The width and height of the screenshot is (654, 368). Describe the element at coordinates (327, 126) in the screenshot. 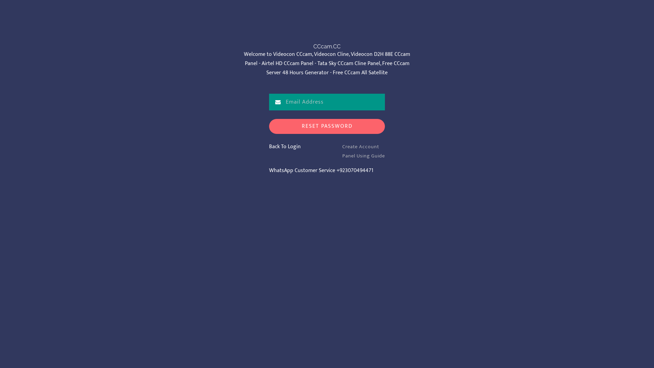

I see `'RESET PASSWORD'` at that location.